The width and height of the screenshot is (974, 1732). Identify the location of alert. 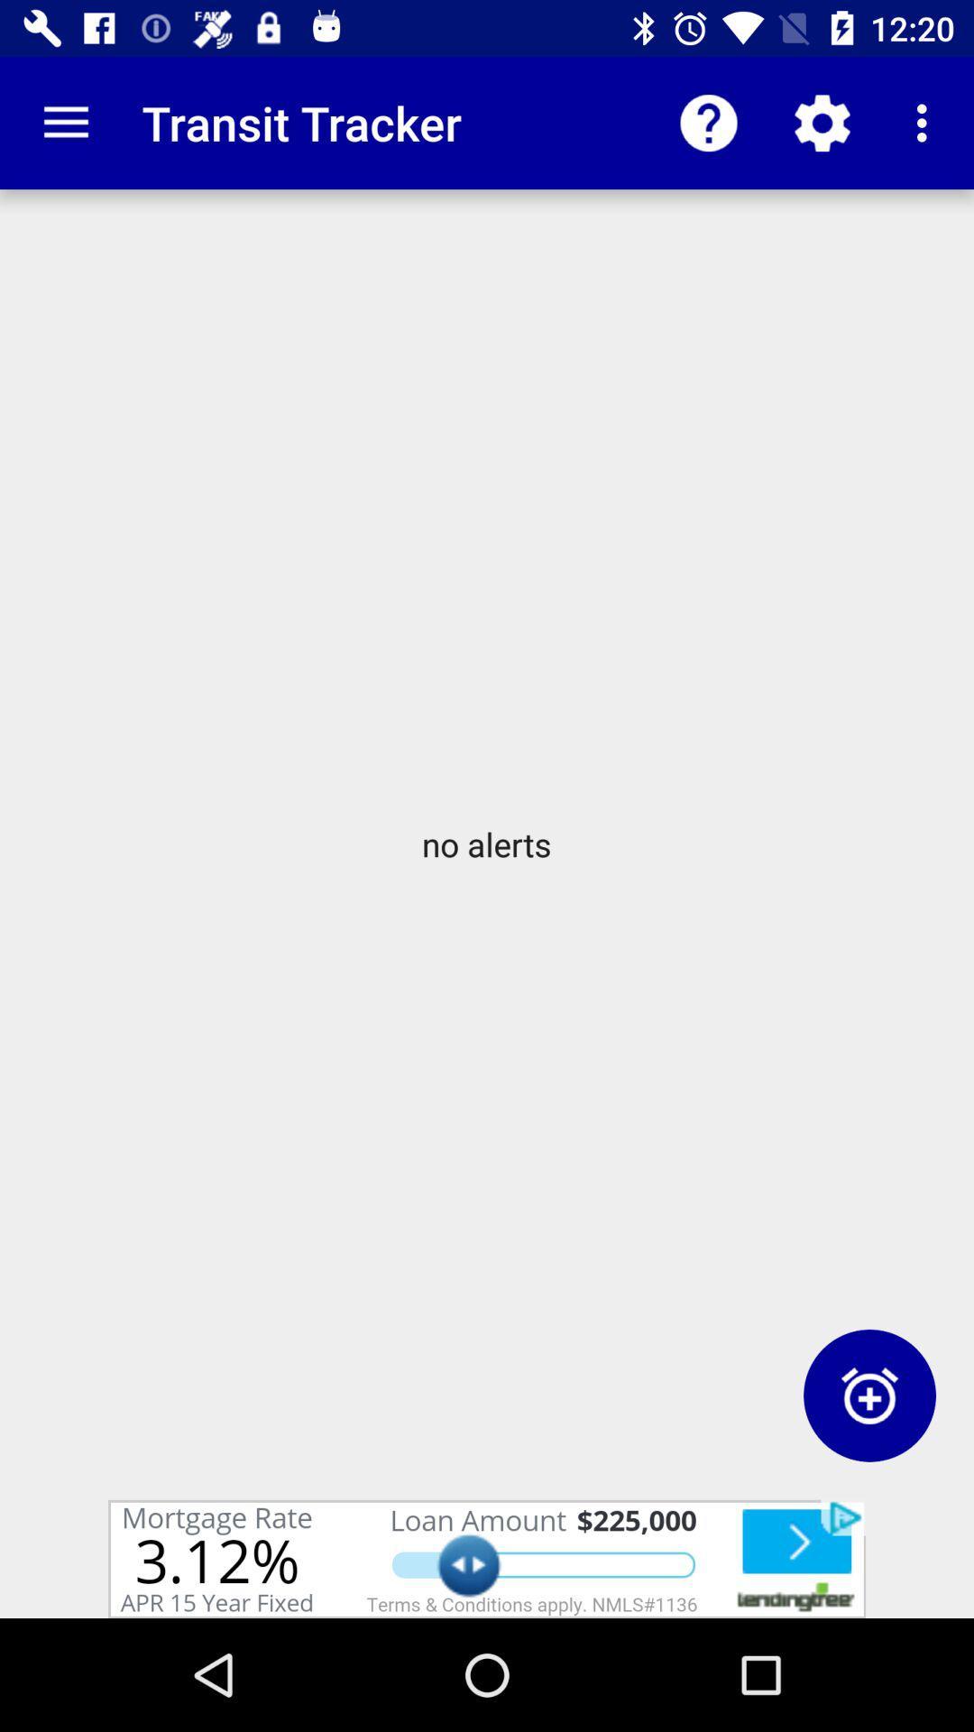
(868, 1395).